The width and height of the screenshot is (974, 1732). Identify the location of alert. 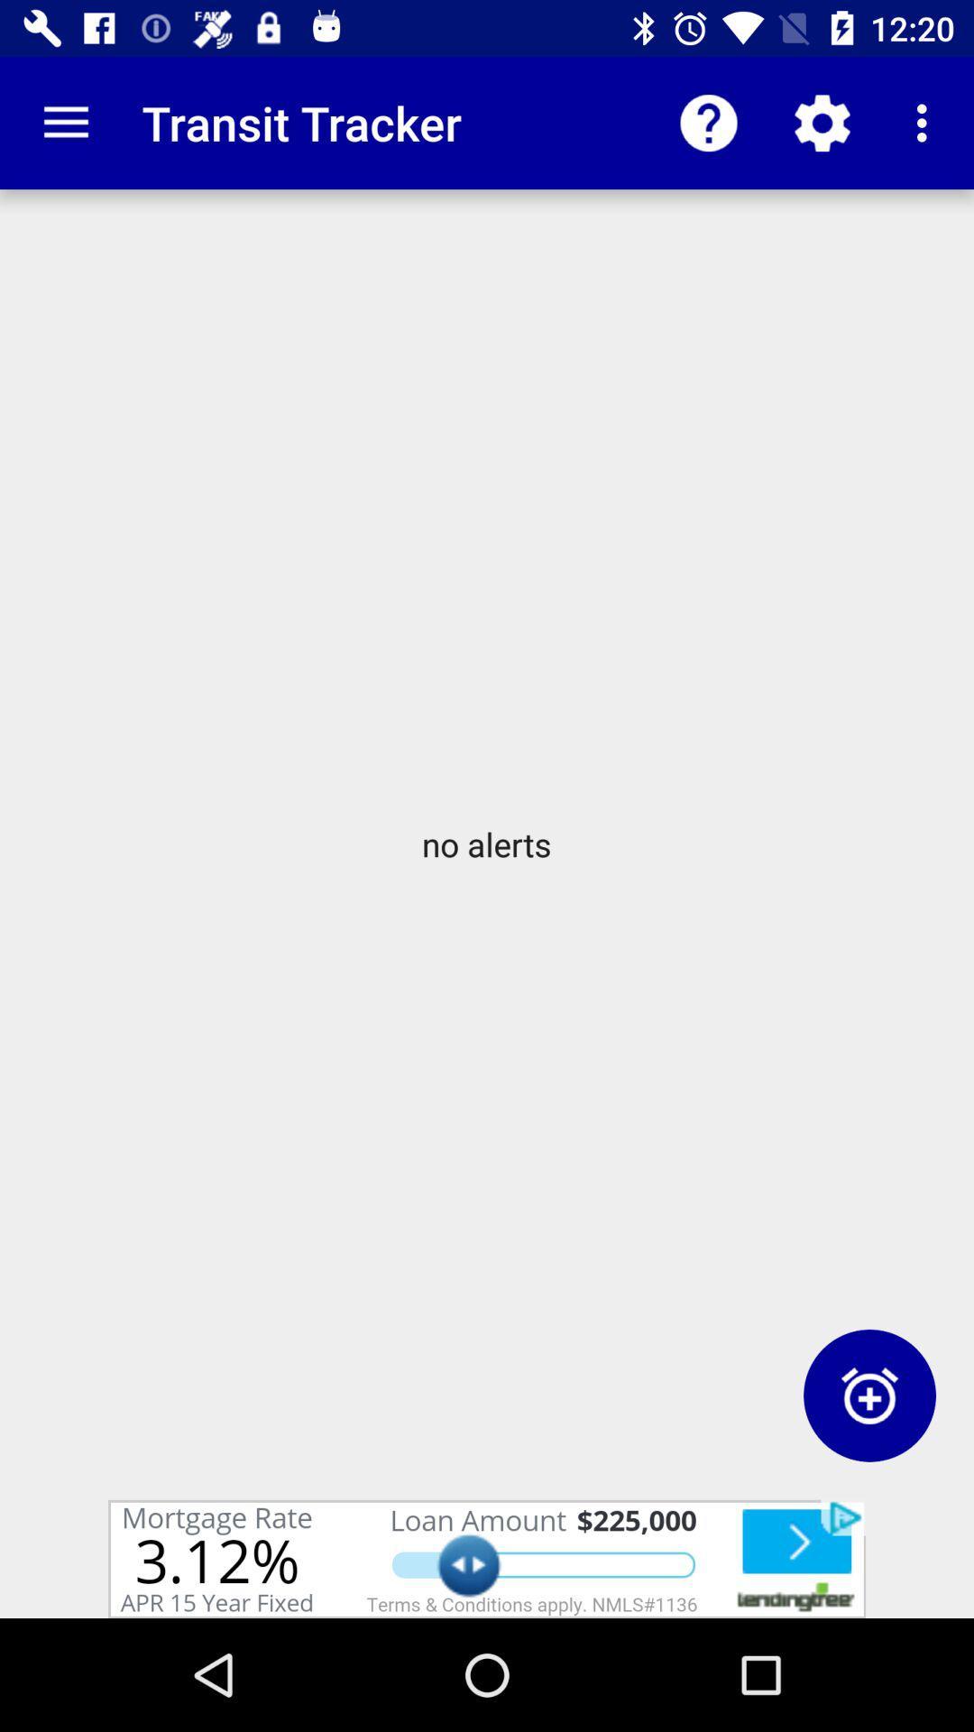
(868, 1395).